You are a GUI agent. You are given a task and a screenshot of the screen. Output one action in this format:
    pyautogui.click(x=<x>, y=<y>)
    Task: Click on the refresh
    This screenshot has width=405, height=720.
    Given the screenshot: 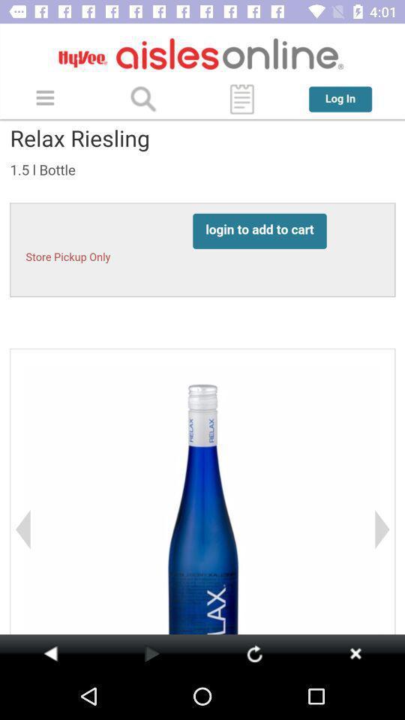 What is the action you would take?
    pyautogui.click(x=253, y=652)
    